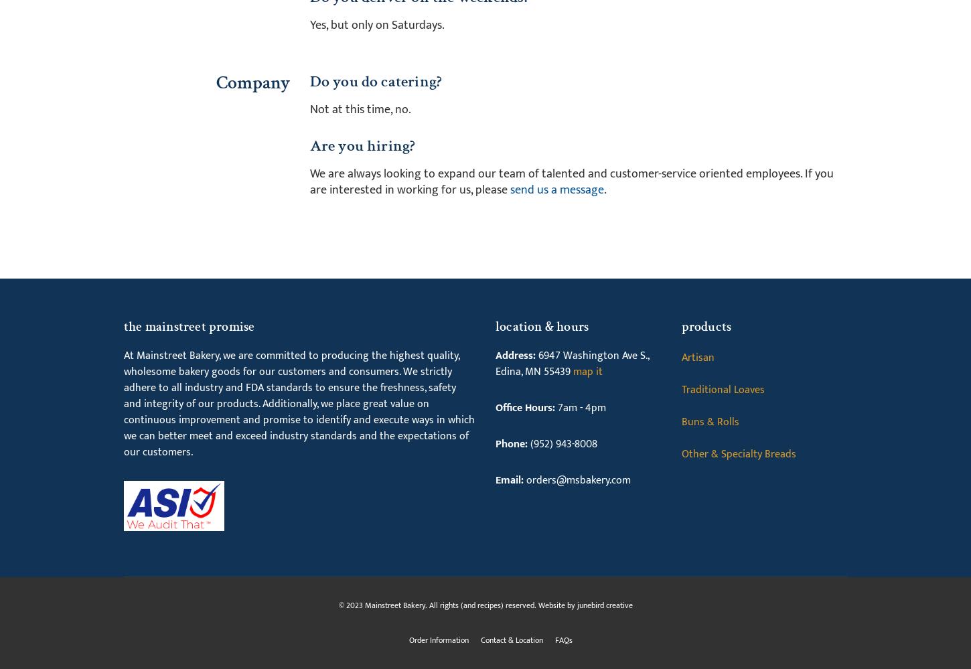 This screenshot has height=669, width=971. What do you see at coordinates (308, 24) in the screenshot?
I see `'Yes, but only on Saturdays.'` at bounding box center [308, 24].